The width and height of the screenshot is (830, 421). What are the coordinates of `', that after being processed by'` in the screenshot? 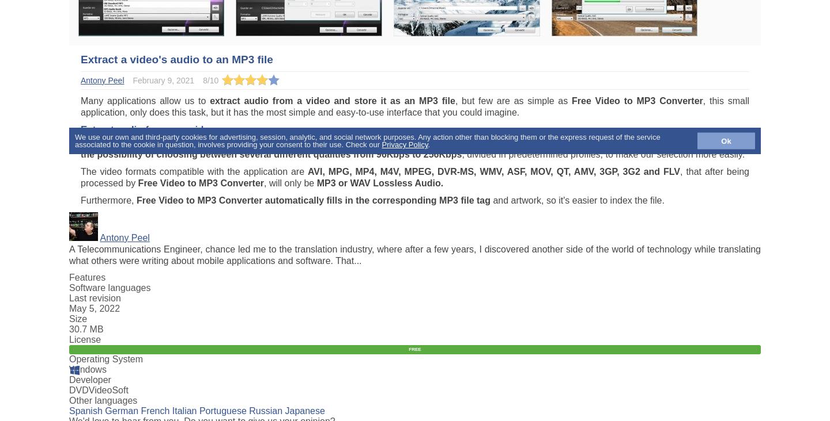 It's located at (80, 177).